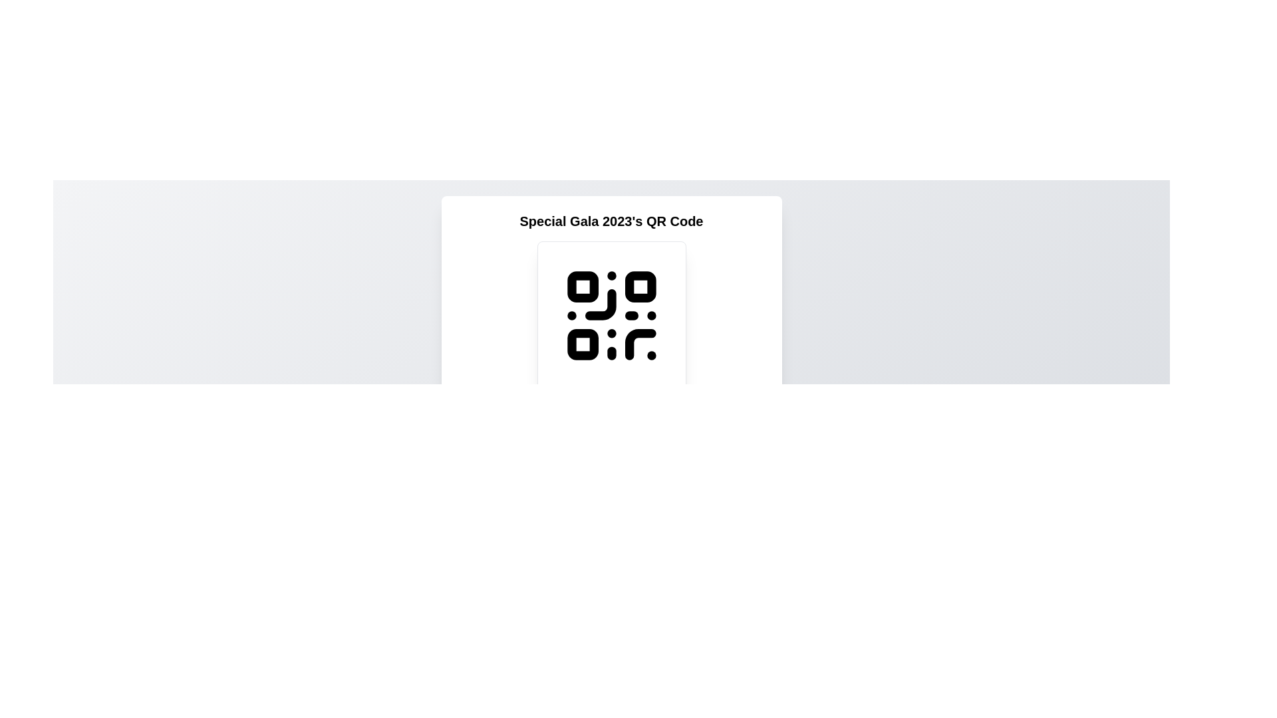 The image size is (1277, 718). What do you see at coordinates (583, 344) in the screenshot?
I see `the small square in the bottom-left corner of the QR code graphic` at bounding box center [583, 344].